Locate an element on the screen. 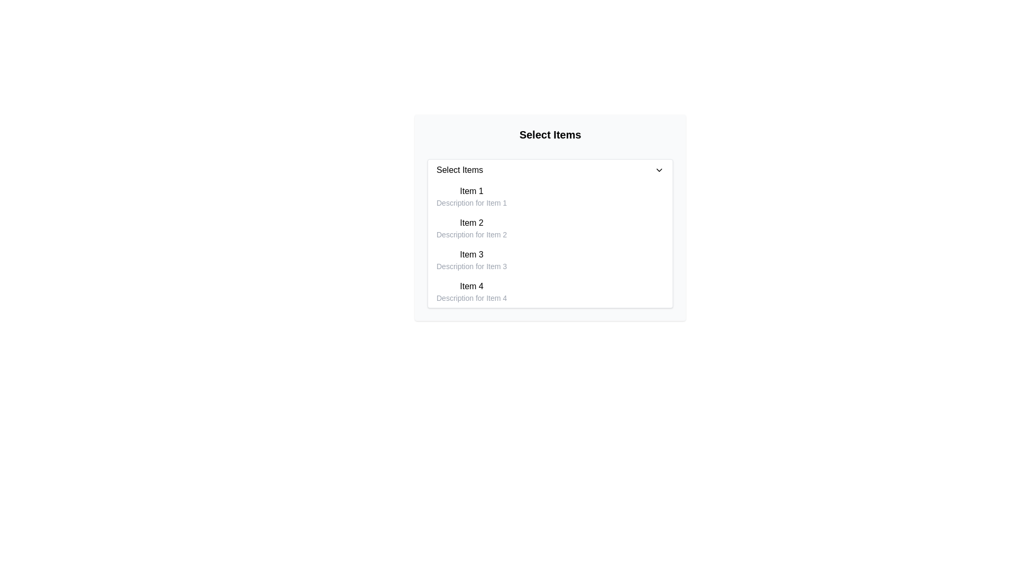 The height and width of the screenshot is (571, 1016). the third item in the dropdown list, which contains the bold heading 'Item 3' and the description 'Description for Item 3' is located at coordinates (471, 260).